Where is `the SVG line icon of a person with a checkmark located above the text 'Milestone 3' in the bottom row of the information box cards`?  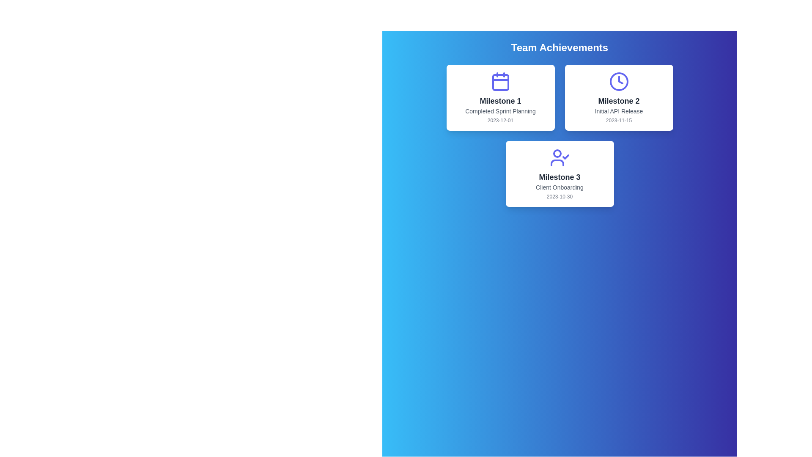 the SVG line icon of a person with a checkmark located above the text 'Milestone 3' in the bottom row of the information box cards is located at coordinates (560, 158).